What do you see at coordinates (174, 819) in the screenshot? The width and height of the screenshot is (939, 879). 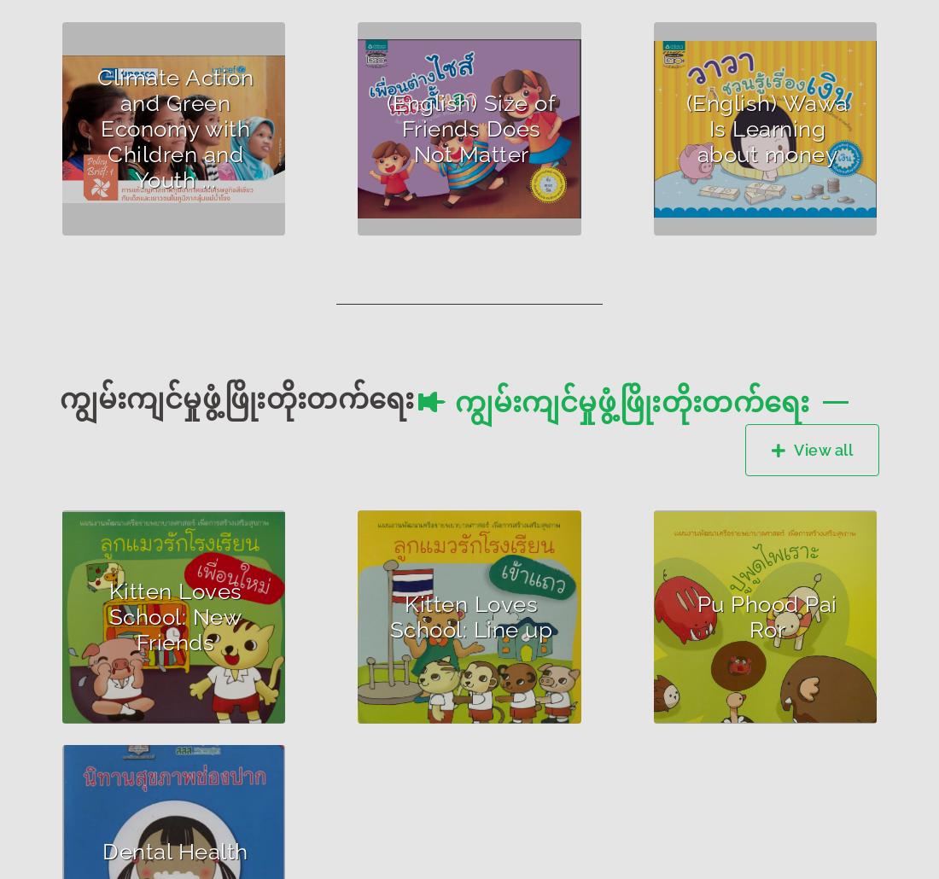 I see `'Author : Pratum Ma Ta Daeng  Project Leader who prepared storybooks'` at bounding box center [174, 819].